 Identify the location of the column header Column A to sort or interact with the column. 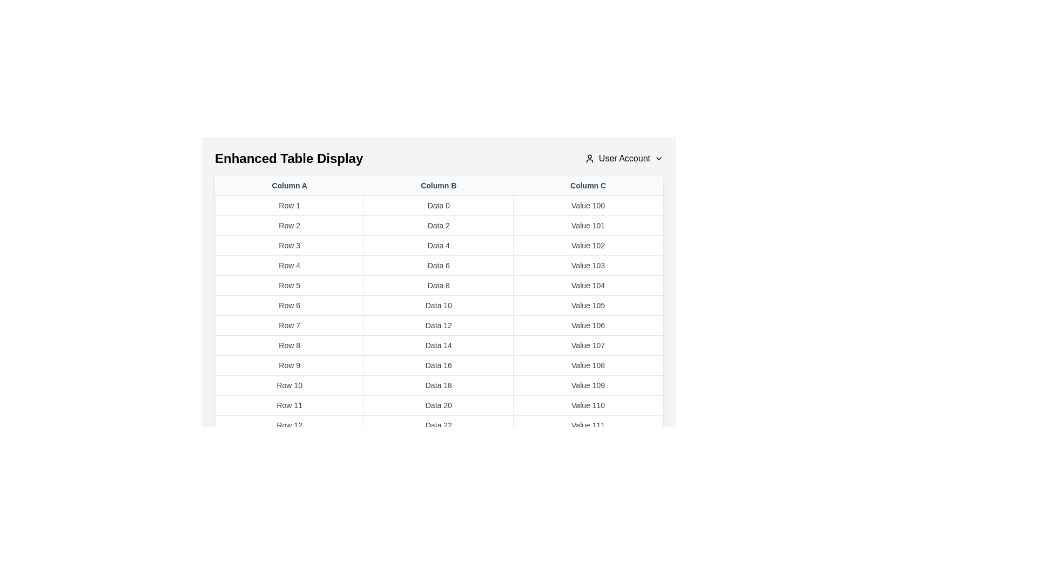
(289, 185).